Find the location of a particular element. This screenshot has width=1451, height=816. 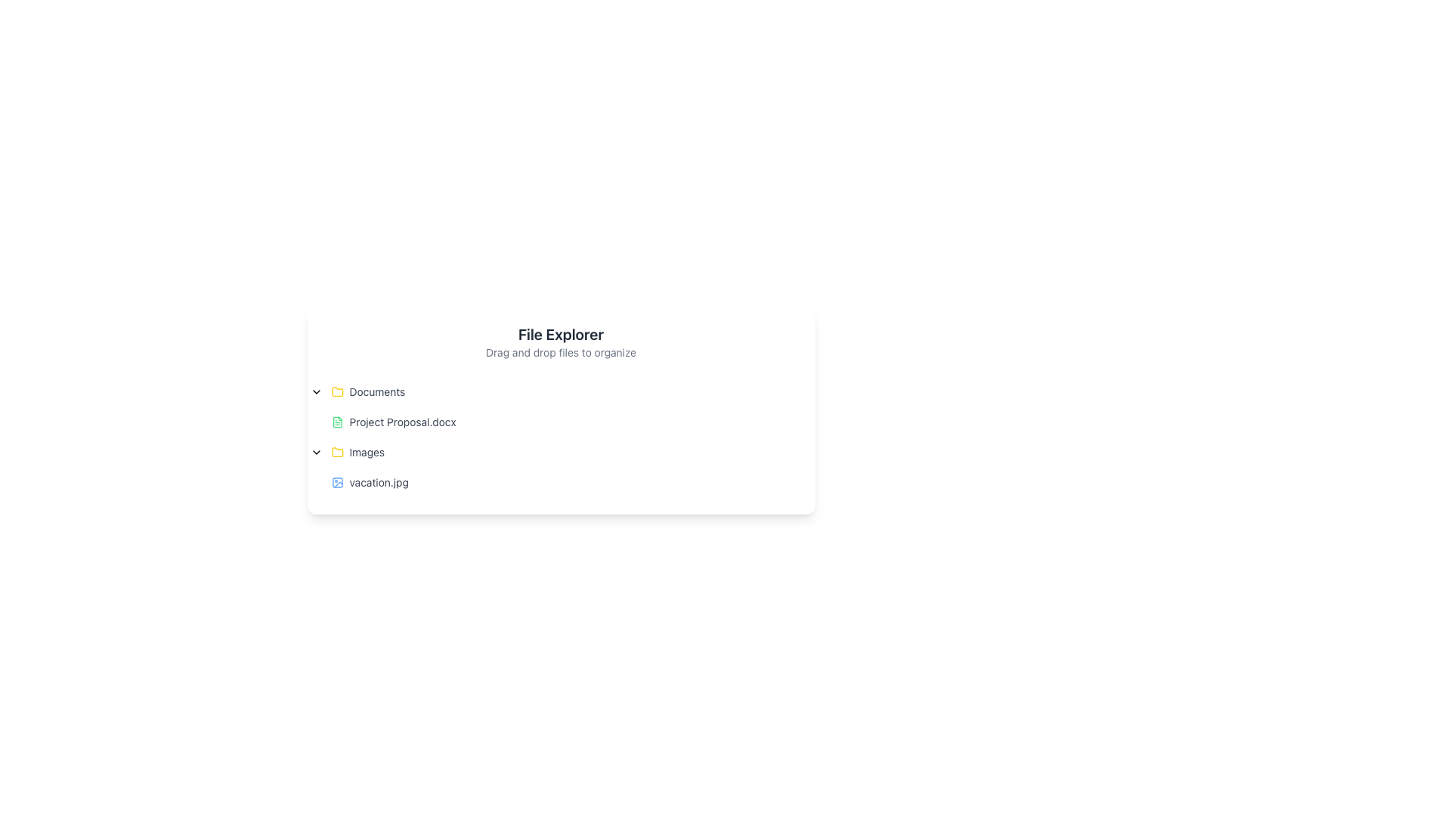

the text label displaying 'vacation.jpg', styled with small gray text, to select it is located at coordinates (379, 483).